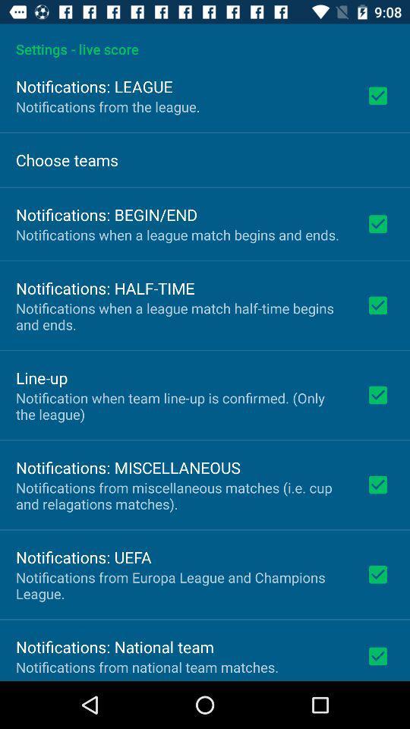  What do you see at coordinates (205, 40) in the screenshot?
I see `the app above the notifications: league app` at bounding box center [205, 40].